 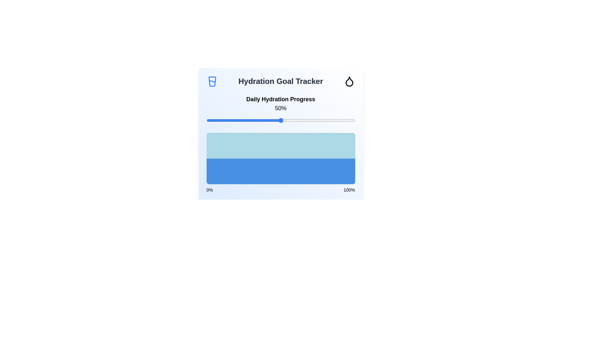 I want to click on the hydration slider to 92%, so click(x=343, y=120).